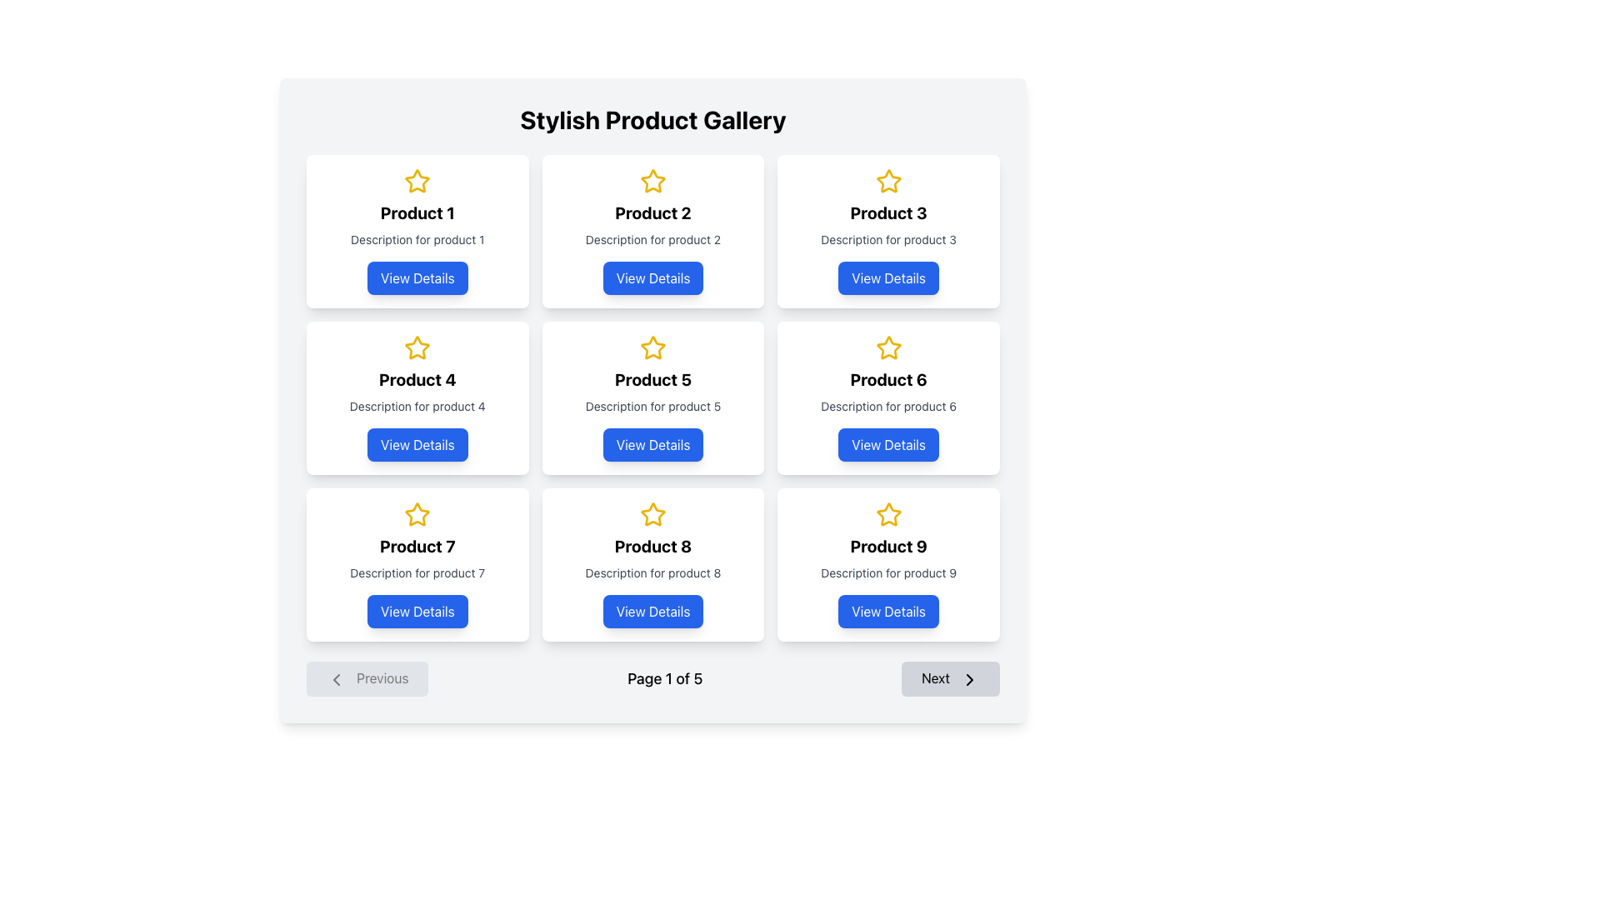 Image resolution: width=1600 pixels, height=900 pixels. Describe the element at coordinates (652, 181) in the screenshot. I see `the star icon representing ratings or favorites in card number 2, located above the text 'Product 2' in the grid layout` at that location.